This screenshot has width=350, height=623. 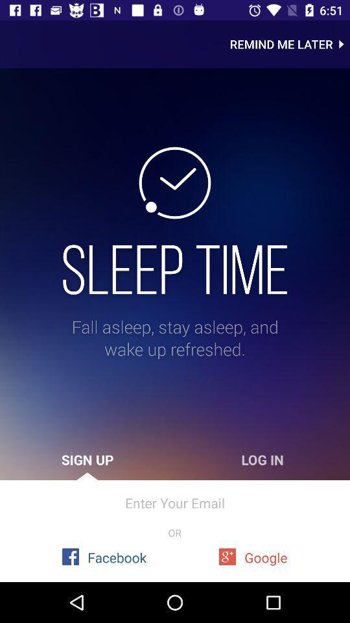 I want to click on the remind me later icon, so click(x=290, y=44).